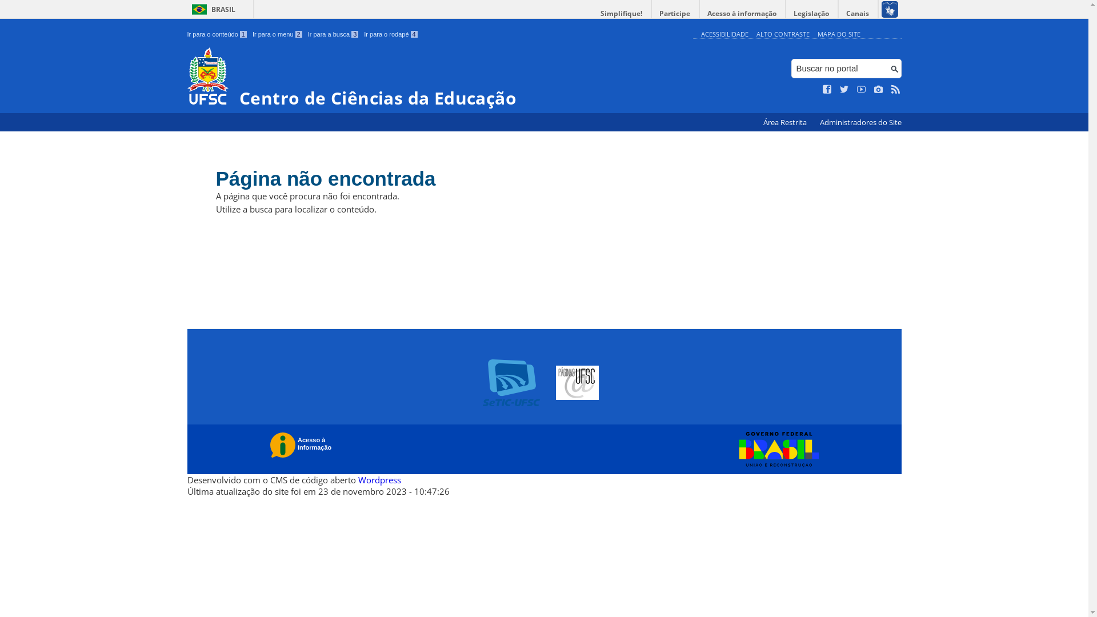 The width and height of the screenshot is (1097, 617). What do you see at coordinates (277, 34) in the screenshot?
I see `'Ir para o menu 2'` at bounding box center [277, 34].